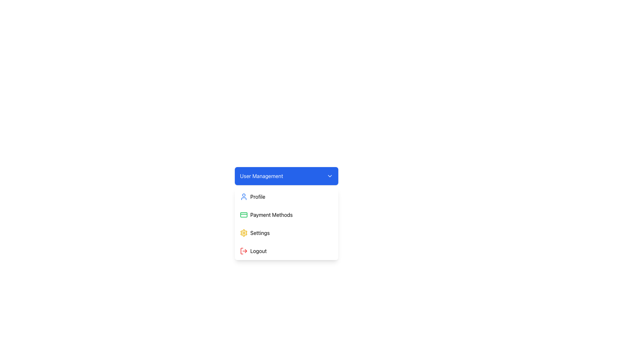 The image size is (621, 349). Describe the element at coordinates (243, 196) in the screenshot. I see `the 'Profile' menu item icon located in the 'User Management' dropdown menu` at that location.